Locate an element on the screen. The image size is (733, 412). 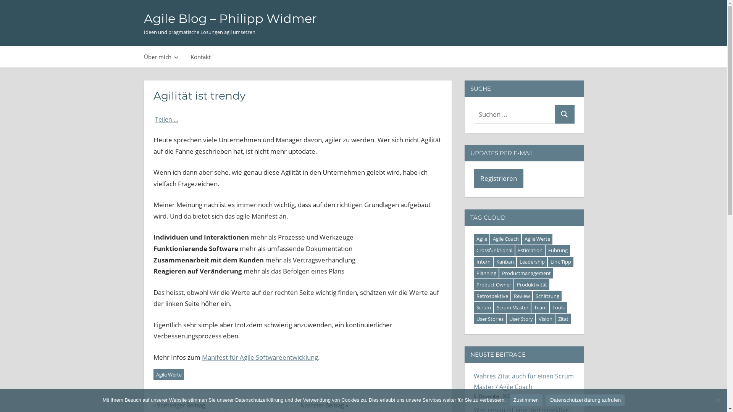
'Scrum' is located at coordinates (483, 307).